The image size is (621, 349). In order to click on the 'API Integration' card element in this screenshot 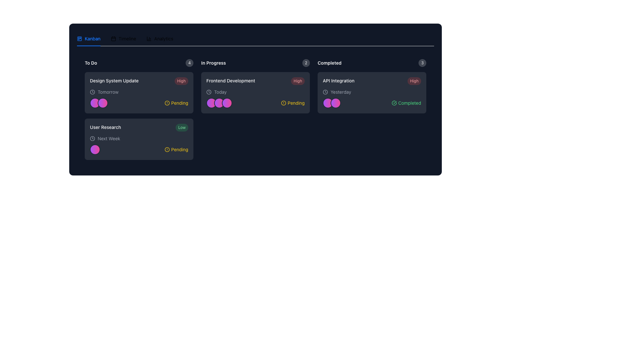, I will do `click(372, 92)`.